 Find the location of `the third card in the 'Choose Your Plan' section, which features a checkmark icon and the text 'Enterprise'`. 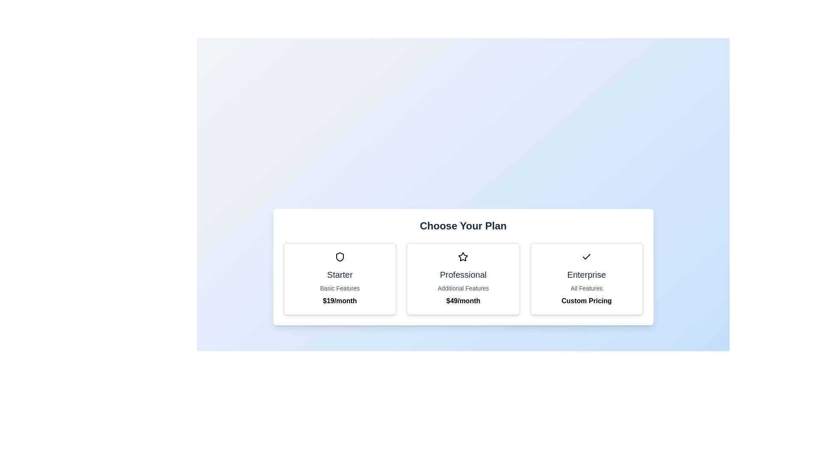

the third card in the 'Choose Your Plan' section, which features a checkmark icon and the text 'Enterprise' is located at coordinates (586, 279).